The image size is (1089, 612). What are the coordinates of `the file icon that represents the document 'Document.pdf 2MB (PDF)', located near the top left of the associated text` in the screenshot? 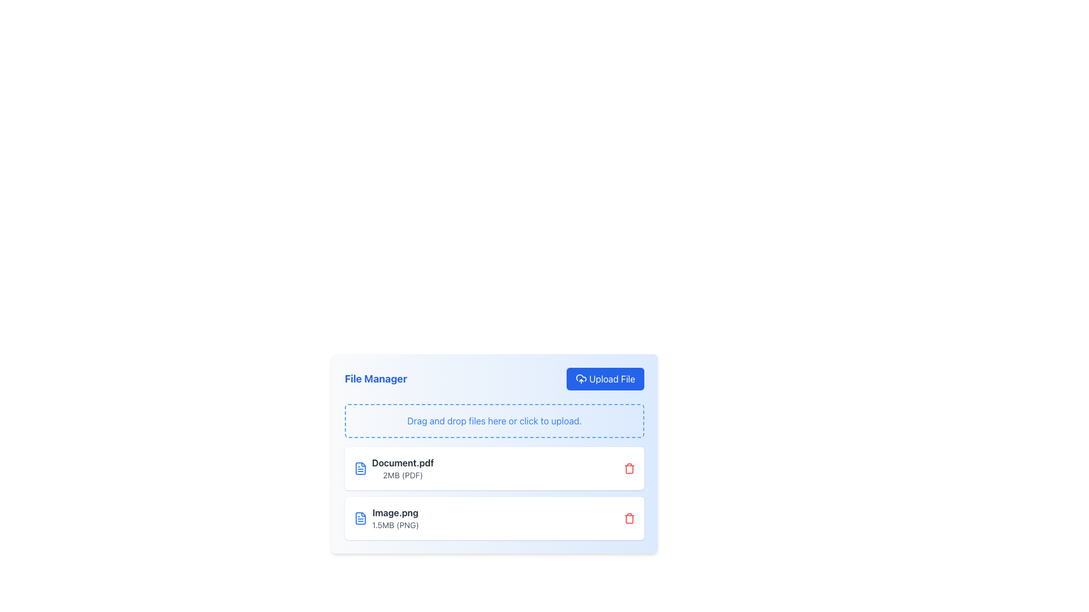 It's located at (360, 468).